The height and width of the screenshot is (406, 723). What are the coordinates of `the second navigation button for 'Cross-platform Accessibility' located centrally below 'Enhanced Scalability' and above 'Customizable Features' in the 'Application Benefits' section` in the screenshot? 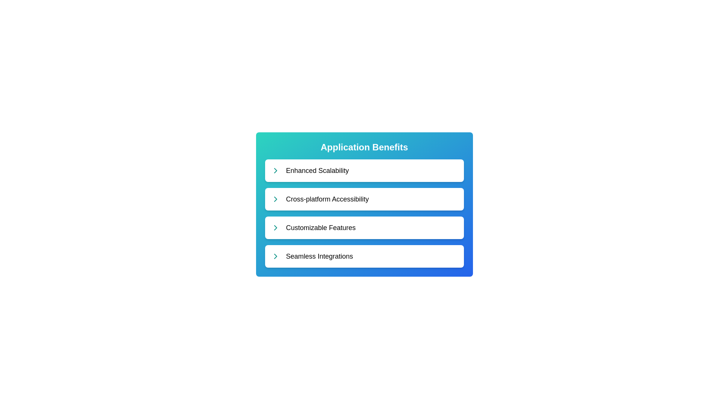 It's located at (364, 198).